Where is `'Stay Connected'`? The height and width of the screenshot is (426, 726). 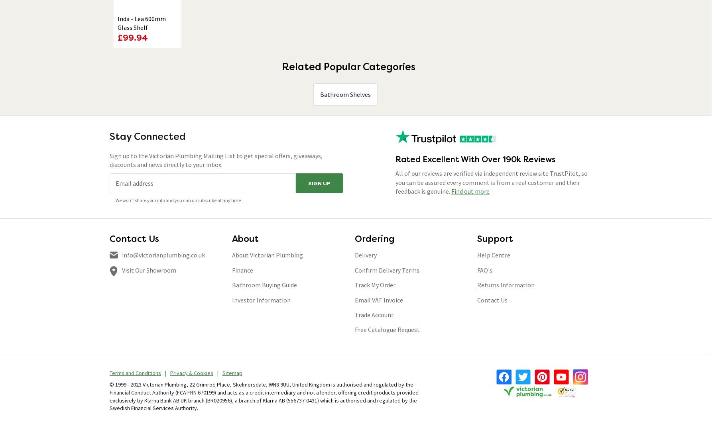
'Stay Connected' is located at coordinates (147, 136).